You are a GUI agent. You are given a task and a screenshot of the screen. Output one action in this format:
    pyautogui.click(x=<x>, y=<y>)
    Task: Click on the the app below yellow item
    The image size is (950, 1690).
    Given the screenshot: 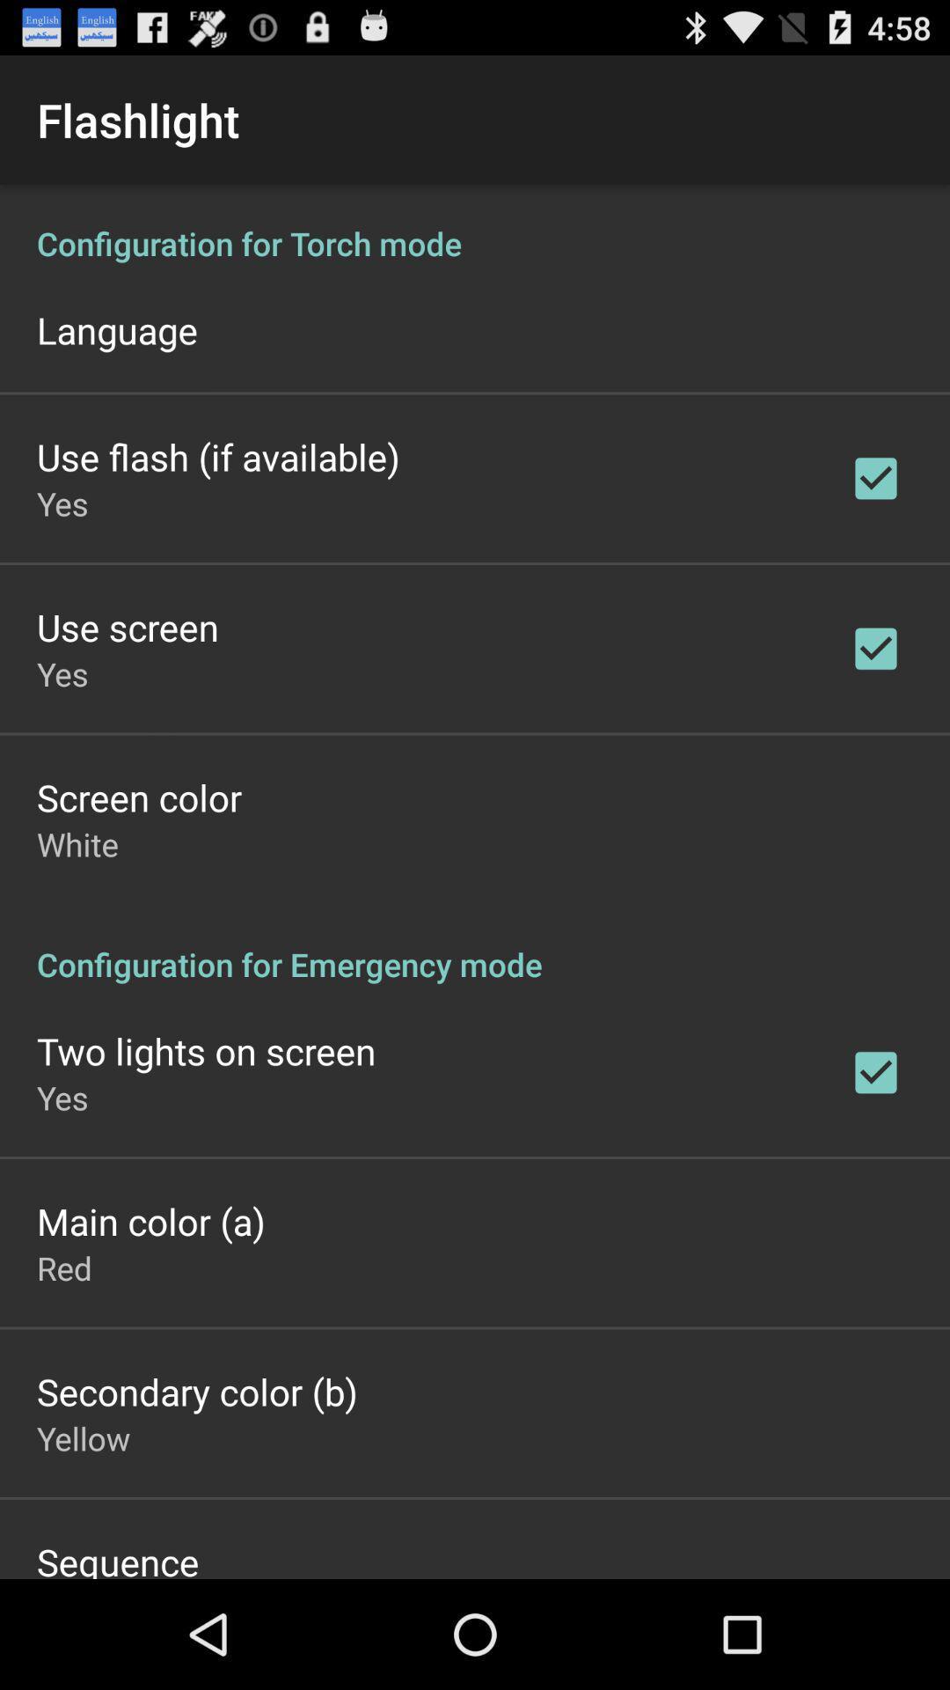 What is the action you would take?
    pyautogui.click(x=118, y=1558)
    